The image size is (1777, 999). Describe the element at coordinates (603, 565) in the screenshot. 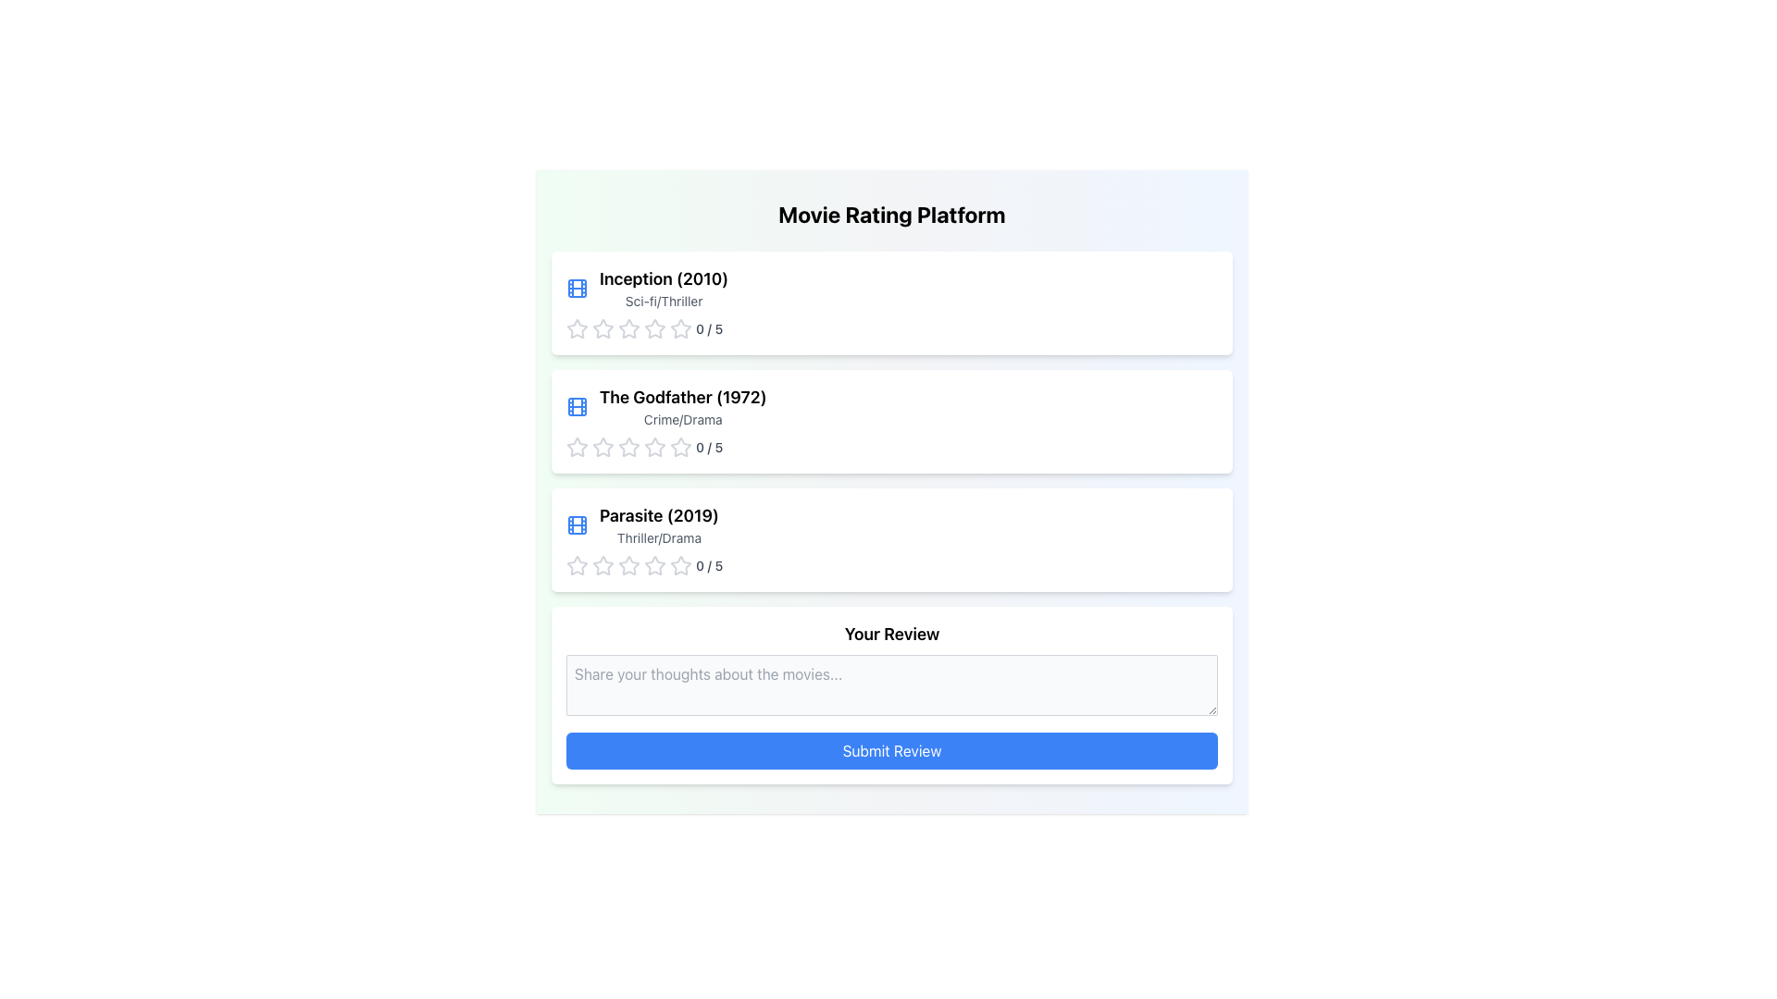

I see `the second star icon for rating under the movie 'Parasite (2019)' to assign a rating` at that location.